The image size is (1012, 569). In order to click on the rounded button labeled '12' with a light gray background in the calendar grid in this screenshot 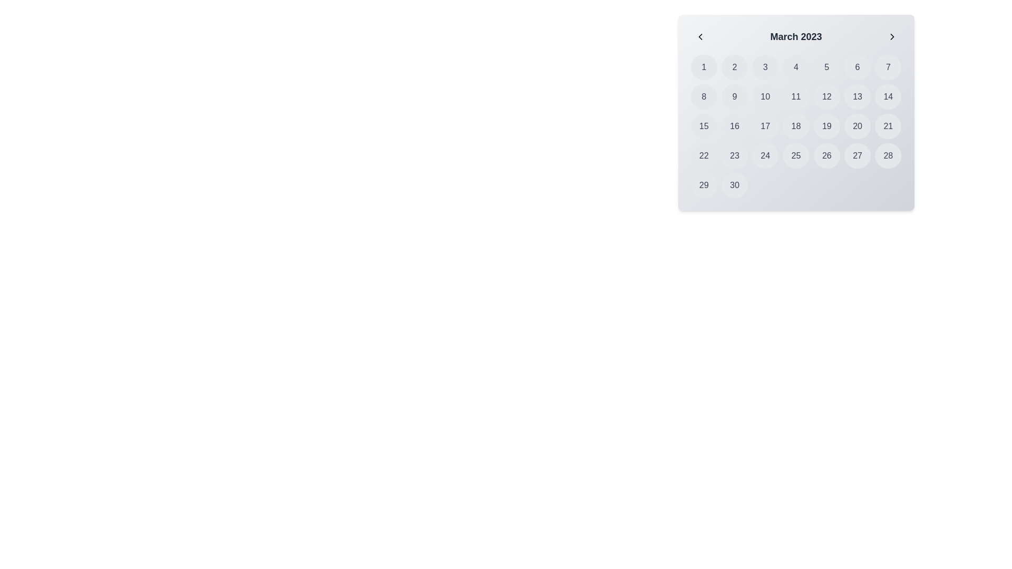, I will do `click(826, 97)`.